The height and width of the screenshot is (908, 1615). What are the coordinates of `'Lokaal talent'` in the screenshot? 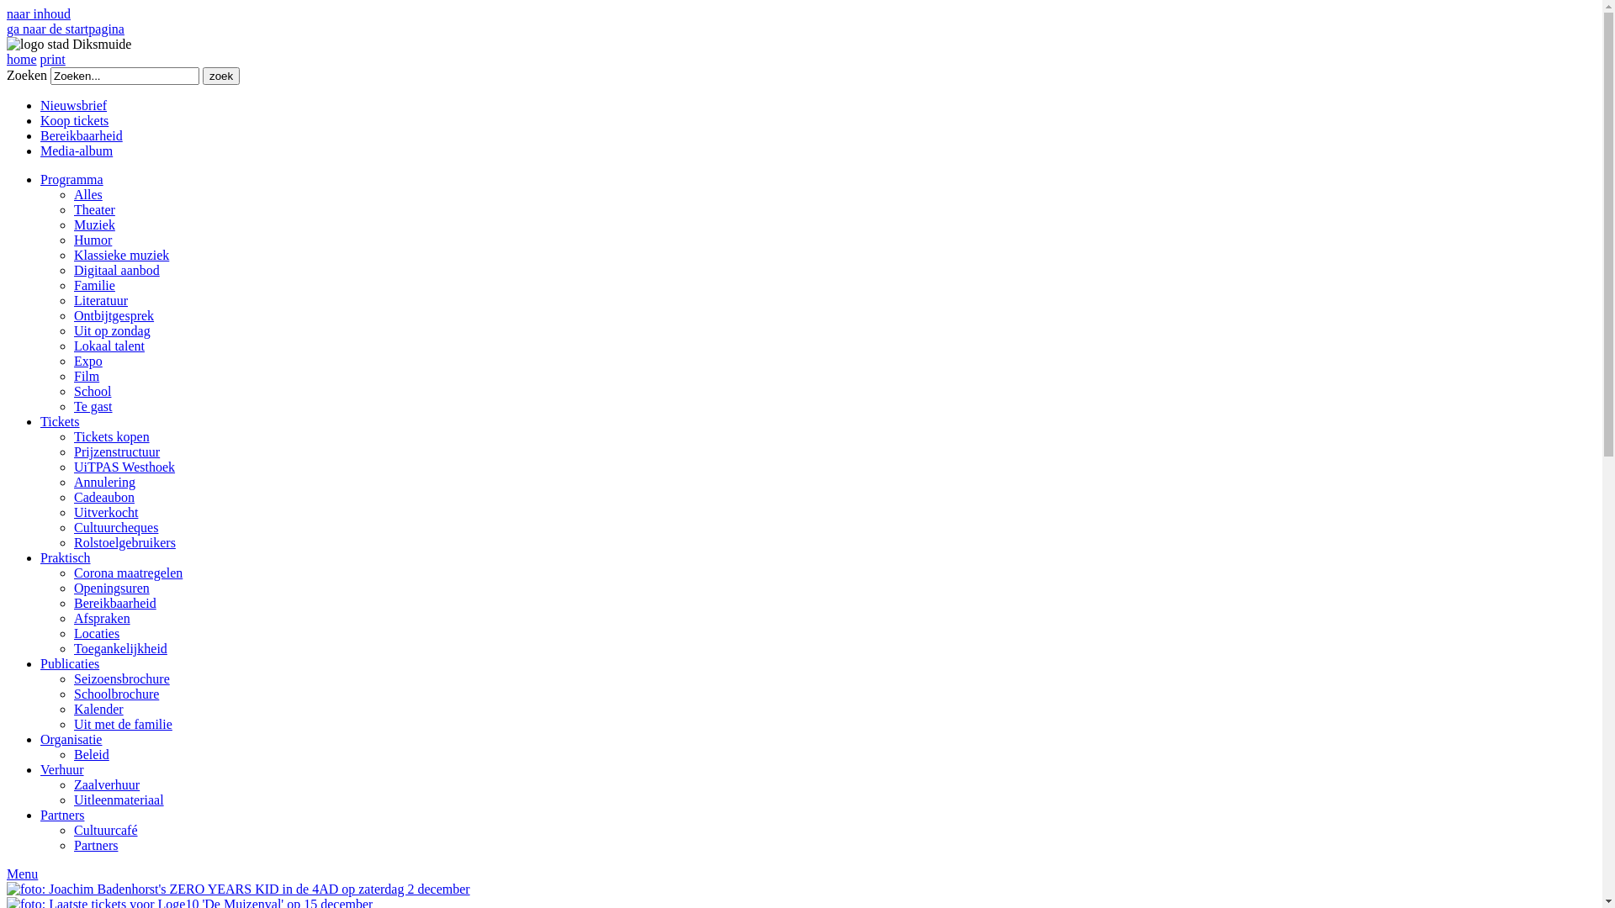 It's located at (108, 345).